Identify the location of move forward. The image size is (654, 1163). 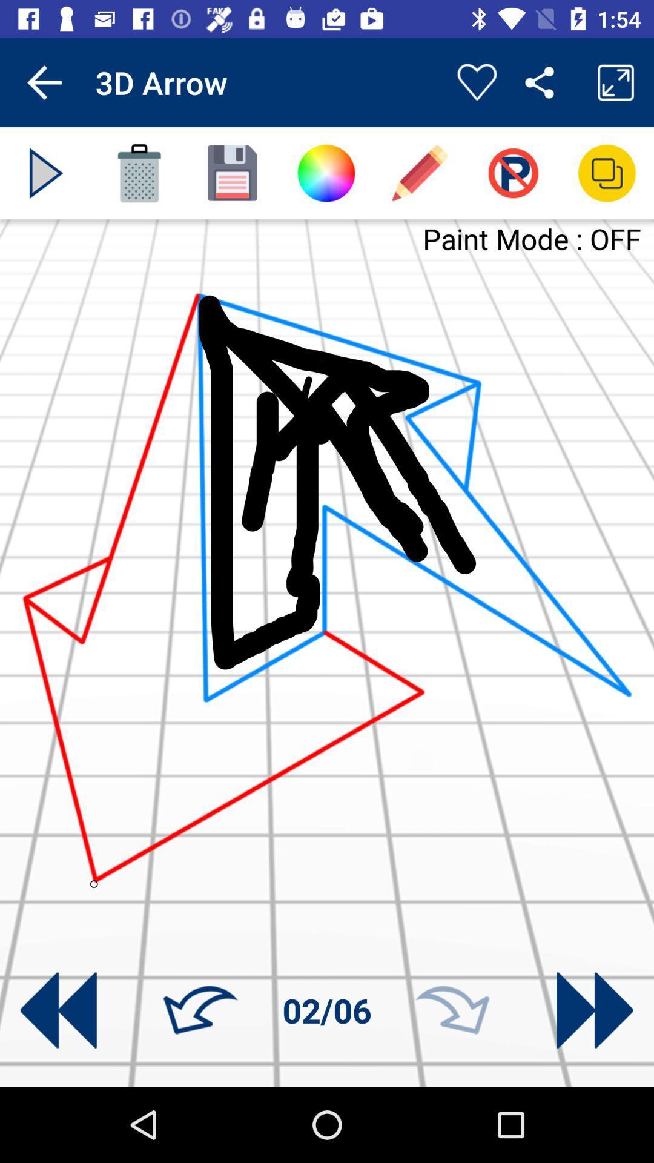
(594, 1010).